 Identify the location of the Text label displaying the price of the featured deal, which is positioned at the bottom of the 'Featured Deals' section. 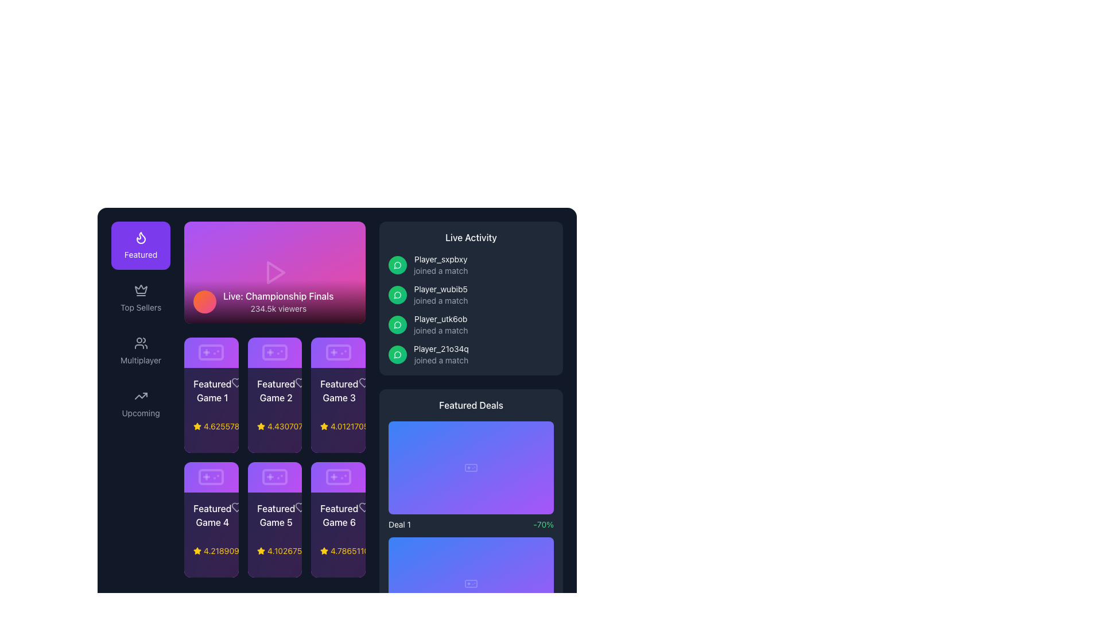
(400, 426).